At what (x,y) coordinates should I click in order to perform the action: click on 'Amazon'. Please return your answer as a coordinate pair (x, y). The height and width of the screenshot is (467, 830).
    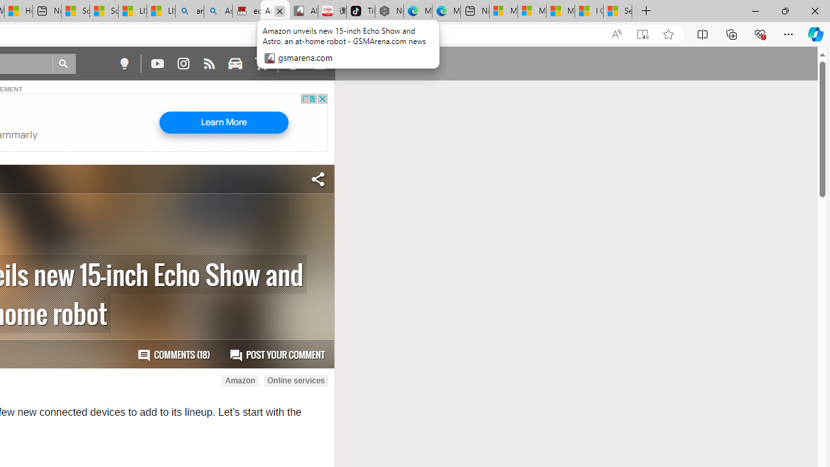
    Looking at the image, I should click on (240, 380).